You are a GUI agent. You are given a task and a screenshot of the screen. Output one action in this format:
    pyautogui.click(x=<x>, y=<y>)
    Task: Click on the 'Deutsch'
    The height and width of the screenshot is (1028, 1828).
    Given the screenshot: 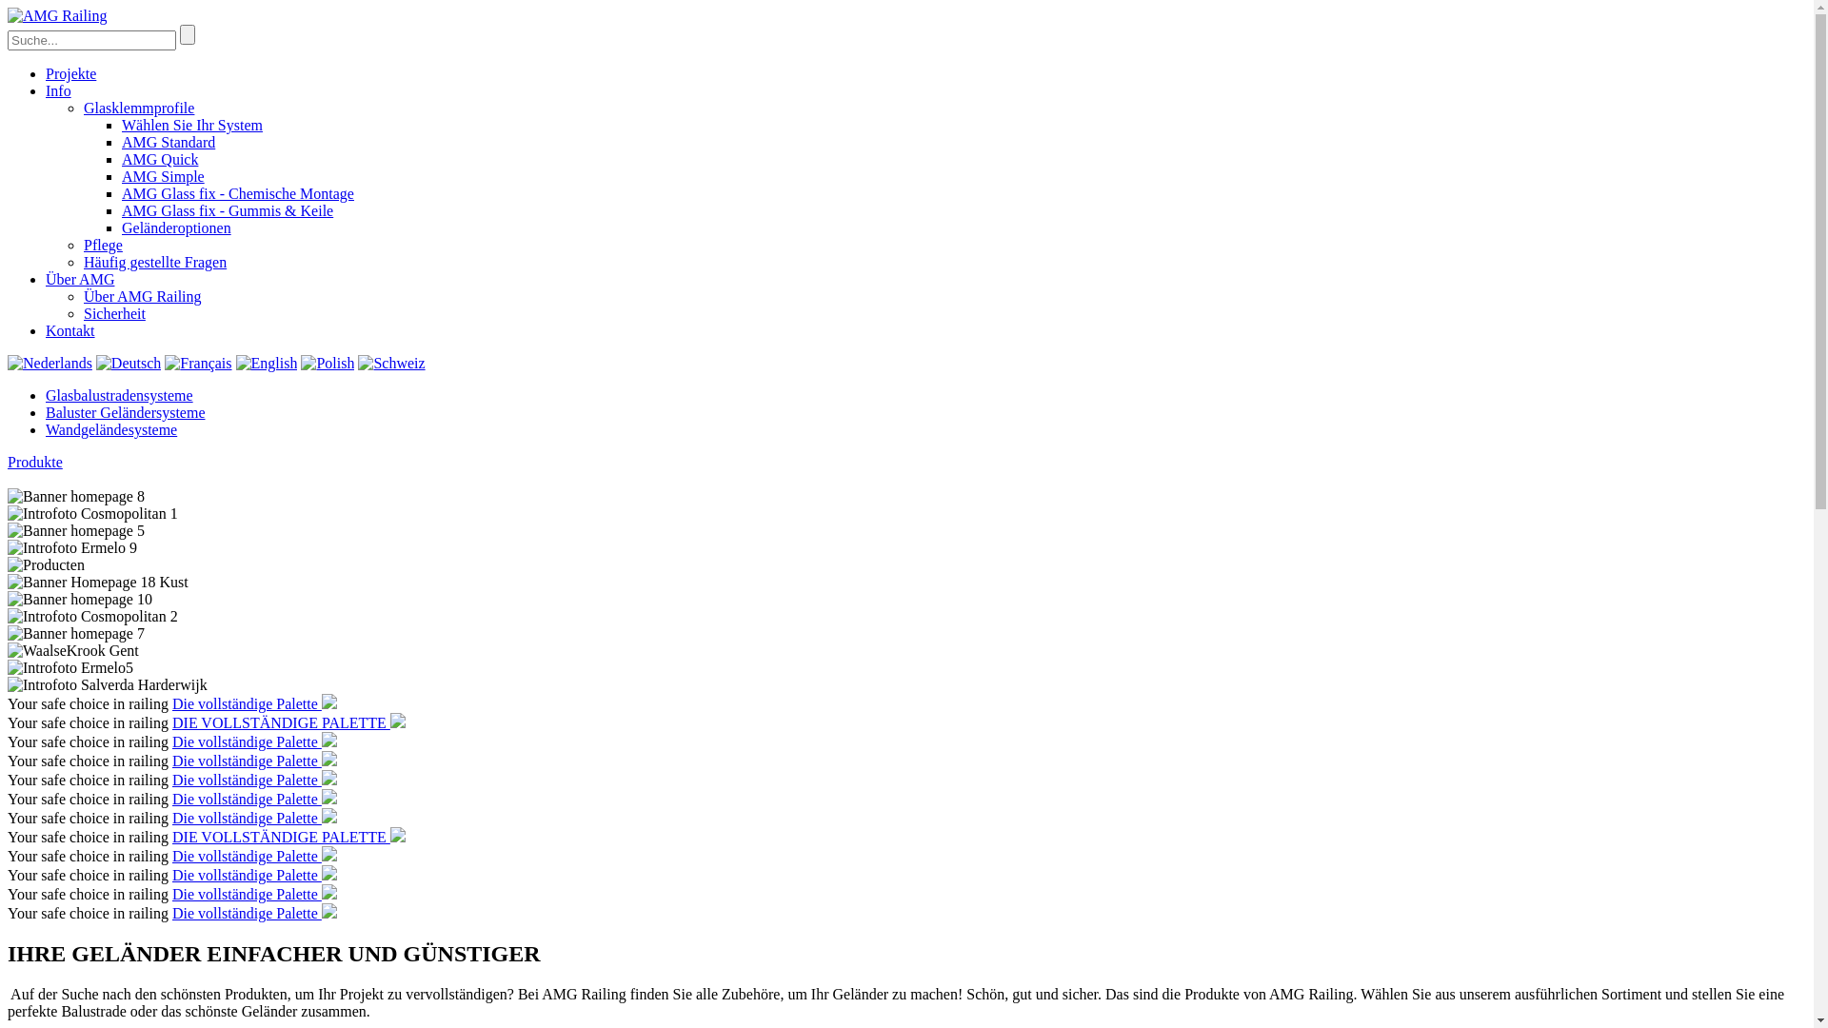 What is the action you would take?
    pyautogui.click(x=127, y=363)
    